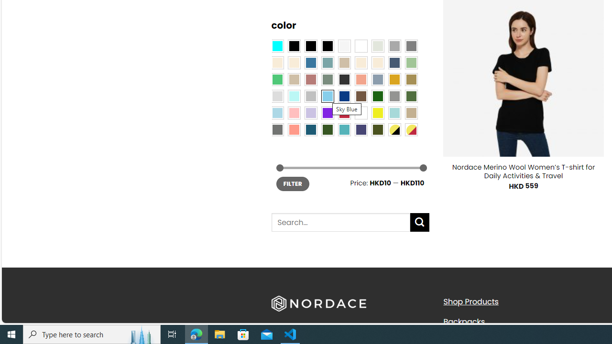 The width and height of the screenshot is (612, 344). What do you see at coordinates (394, 78) in the screenshot?
I see `'Gold'` at bounding box center [394, 78].